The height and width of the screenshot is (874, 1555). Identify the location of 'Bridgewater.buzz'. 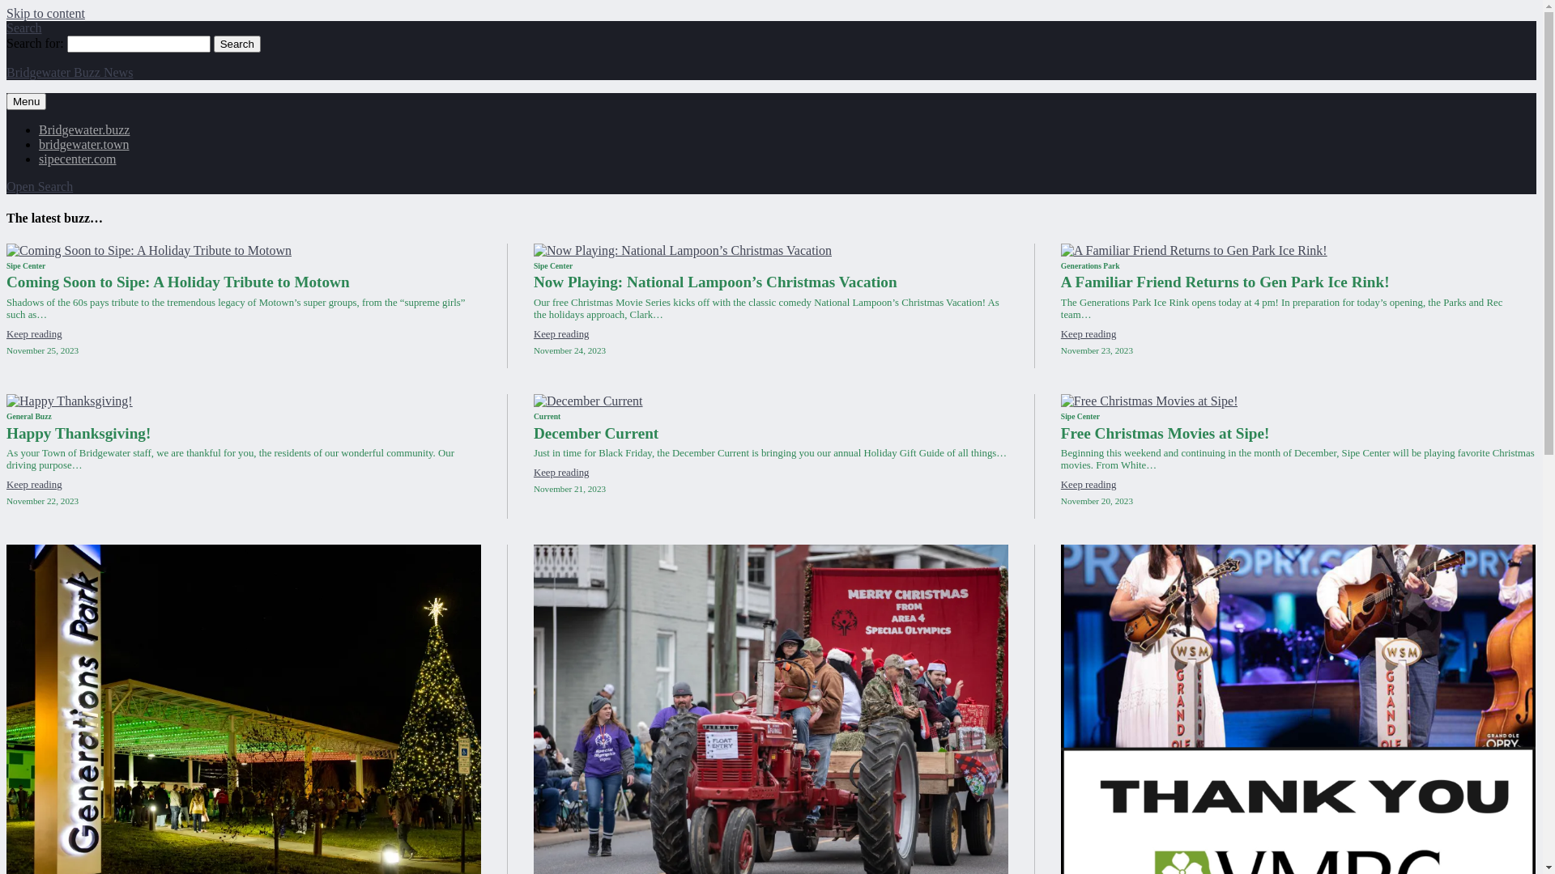
(83, 129).